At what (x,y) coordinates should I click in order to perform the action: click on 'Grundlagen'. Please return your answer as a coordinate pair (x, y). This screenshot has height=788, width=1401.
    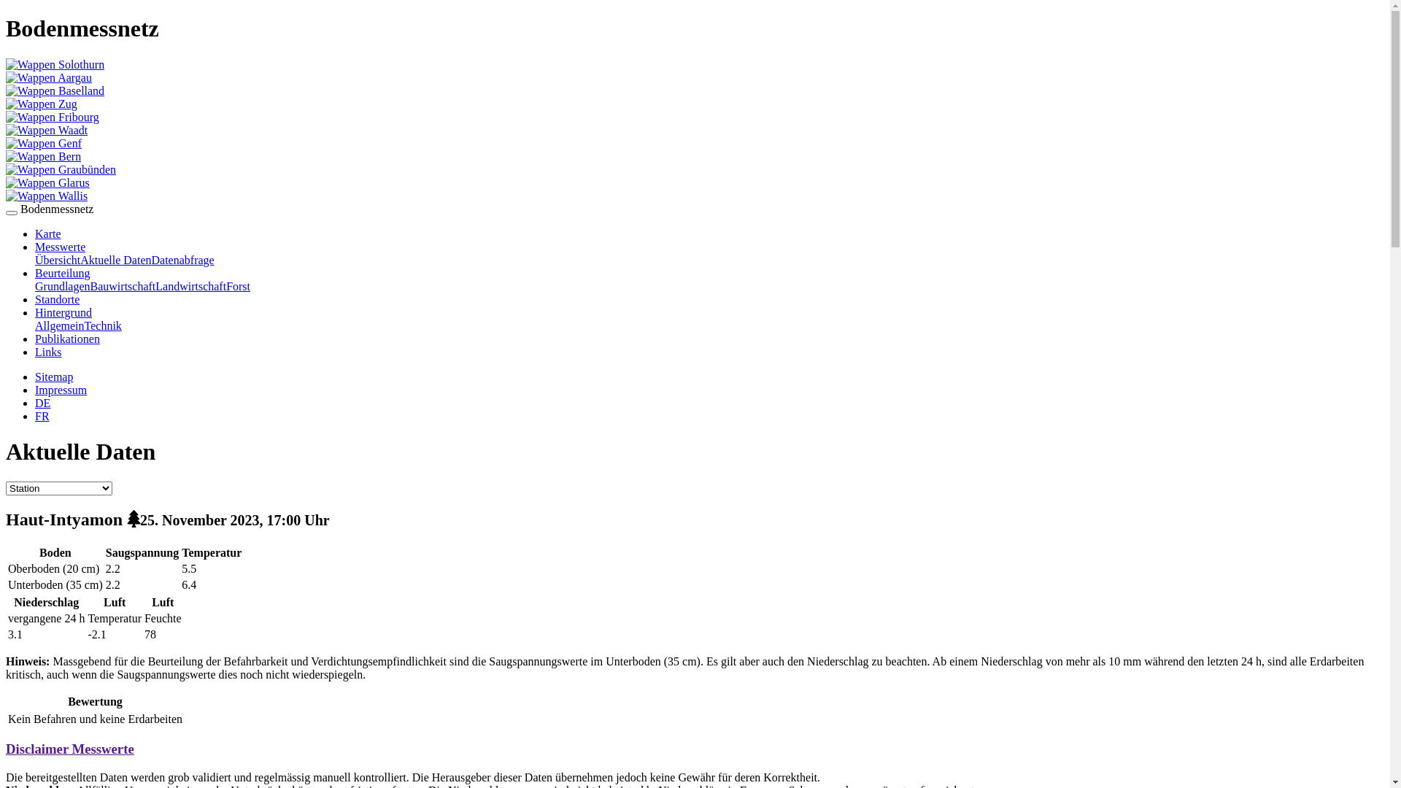
    Looking at the image, I should click on (62, 286).